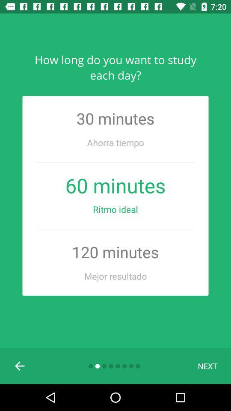  What do you see at coordinates (20, 365) in the screenshot?
I see `the item to the left of the next` at bounding box center [20, 365].